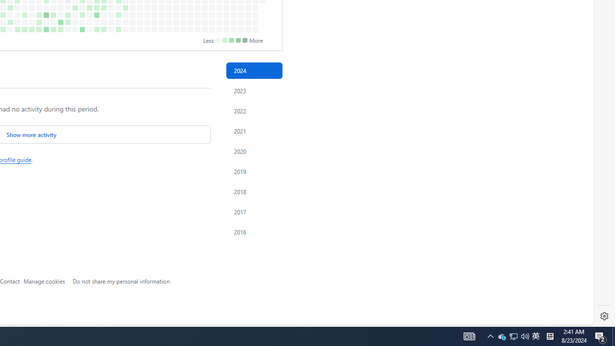 This screenshot has width=615, height=346. Describe the element at coordinates (254, 171) in the screenshot. I see `'2019'` at that location.